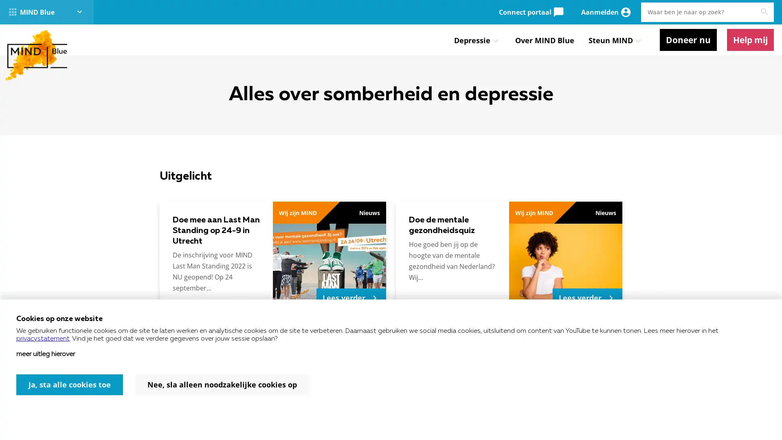  Describe the element at coordinates (222, 385) in the screenshot. I see `Nee, sla alleen noodzakelijke cookies op` at that location.